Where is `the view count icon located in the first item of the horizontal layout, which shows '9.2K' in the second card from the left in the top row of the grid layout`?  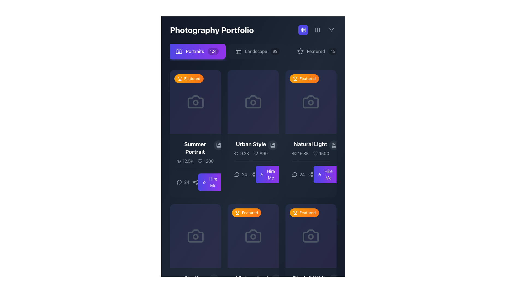 the view count icon located in the first item of the horizontal layout, which shows '9.2K' in the second card from the left in the top row of the grid layout is located at coordinates (236, 154).